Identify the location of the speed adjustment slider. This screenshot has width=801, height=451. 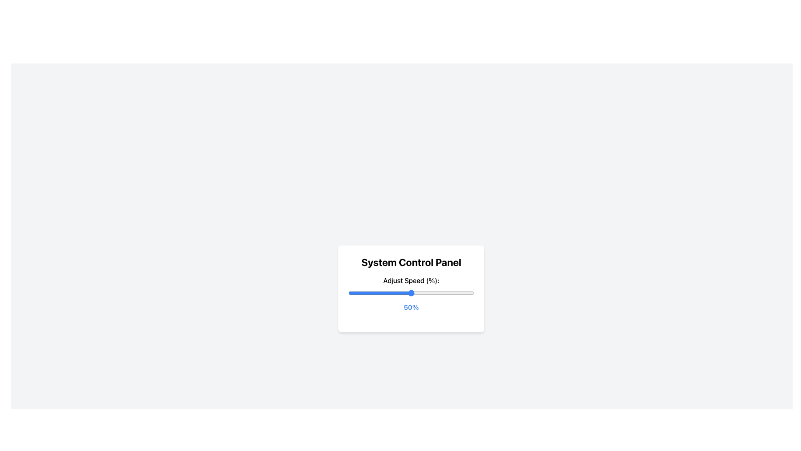
(442, 293).